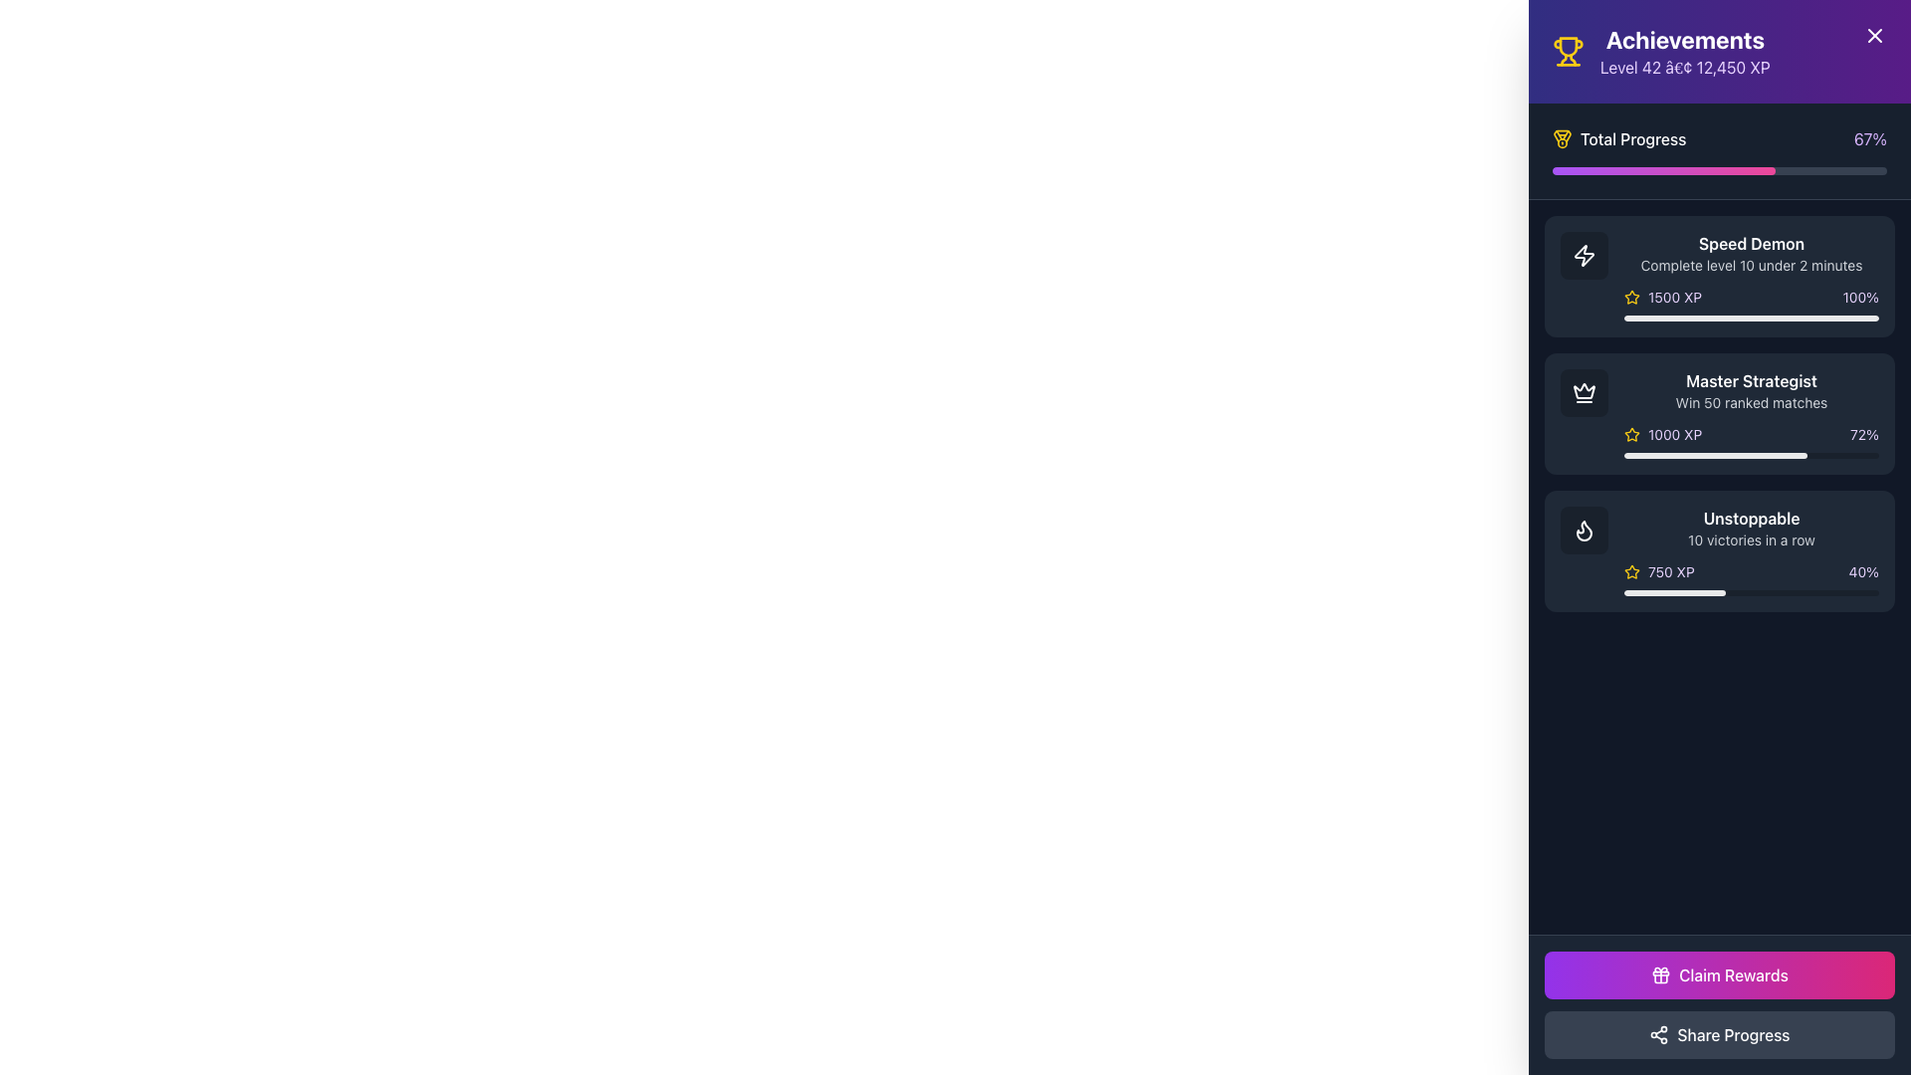 The height and width of the screenshot is (1075, 1911). Describe the element at coordinates (1662, 298) in the screenshot. I see `text label indicating the experience points (XP) for completing the 'Speed Demon' achievement, which is positioned under the header 'Speed Demon: Complete level 10 under 2 minutes' in the Achievements sidebar` at that location.